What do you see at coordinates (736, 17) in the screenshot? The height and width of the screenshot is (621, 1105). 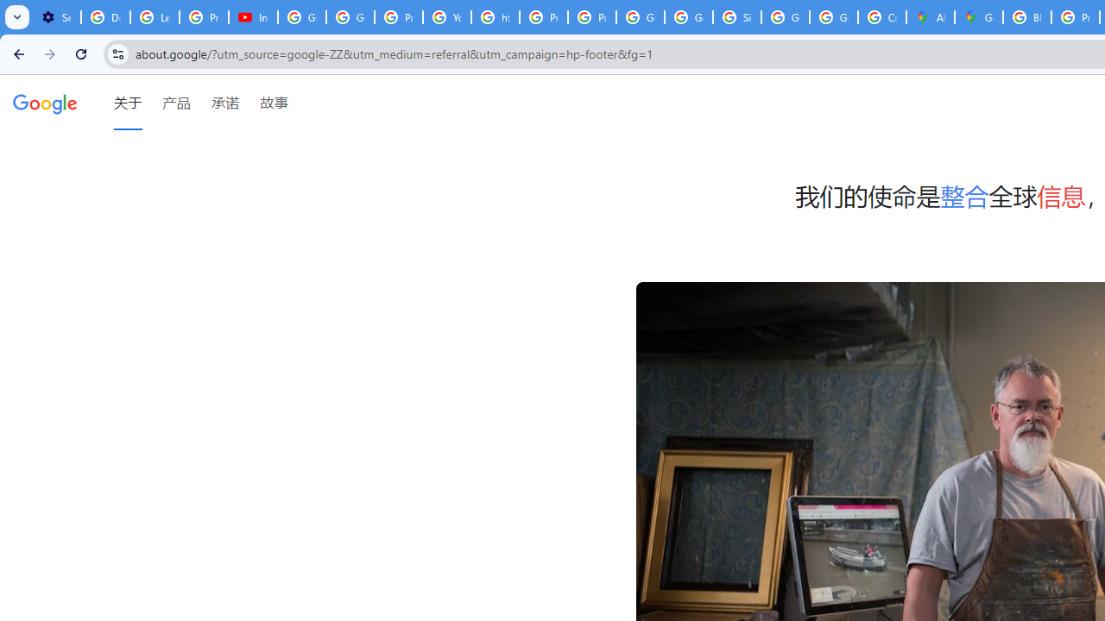 I see `'Sign in - Google Accounts'` at bounding box center [736, 17].